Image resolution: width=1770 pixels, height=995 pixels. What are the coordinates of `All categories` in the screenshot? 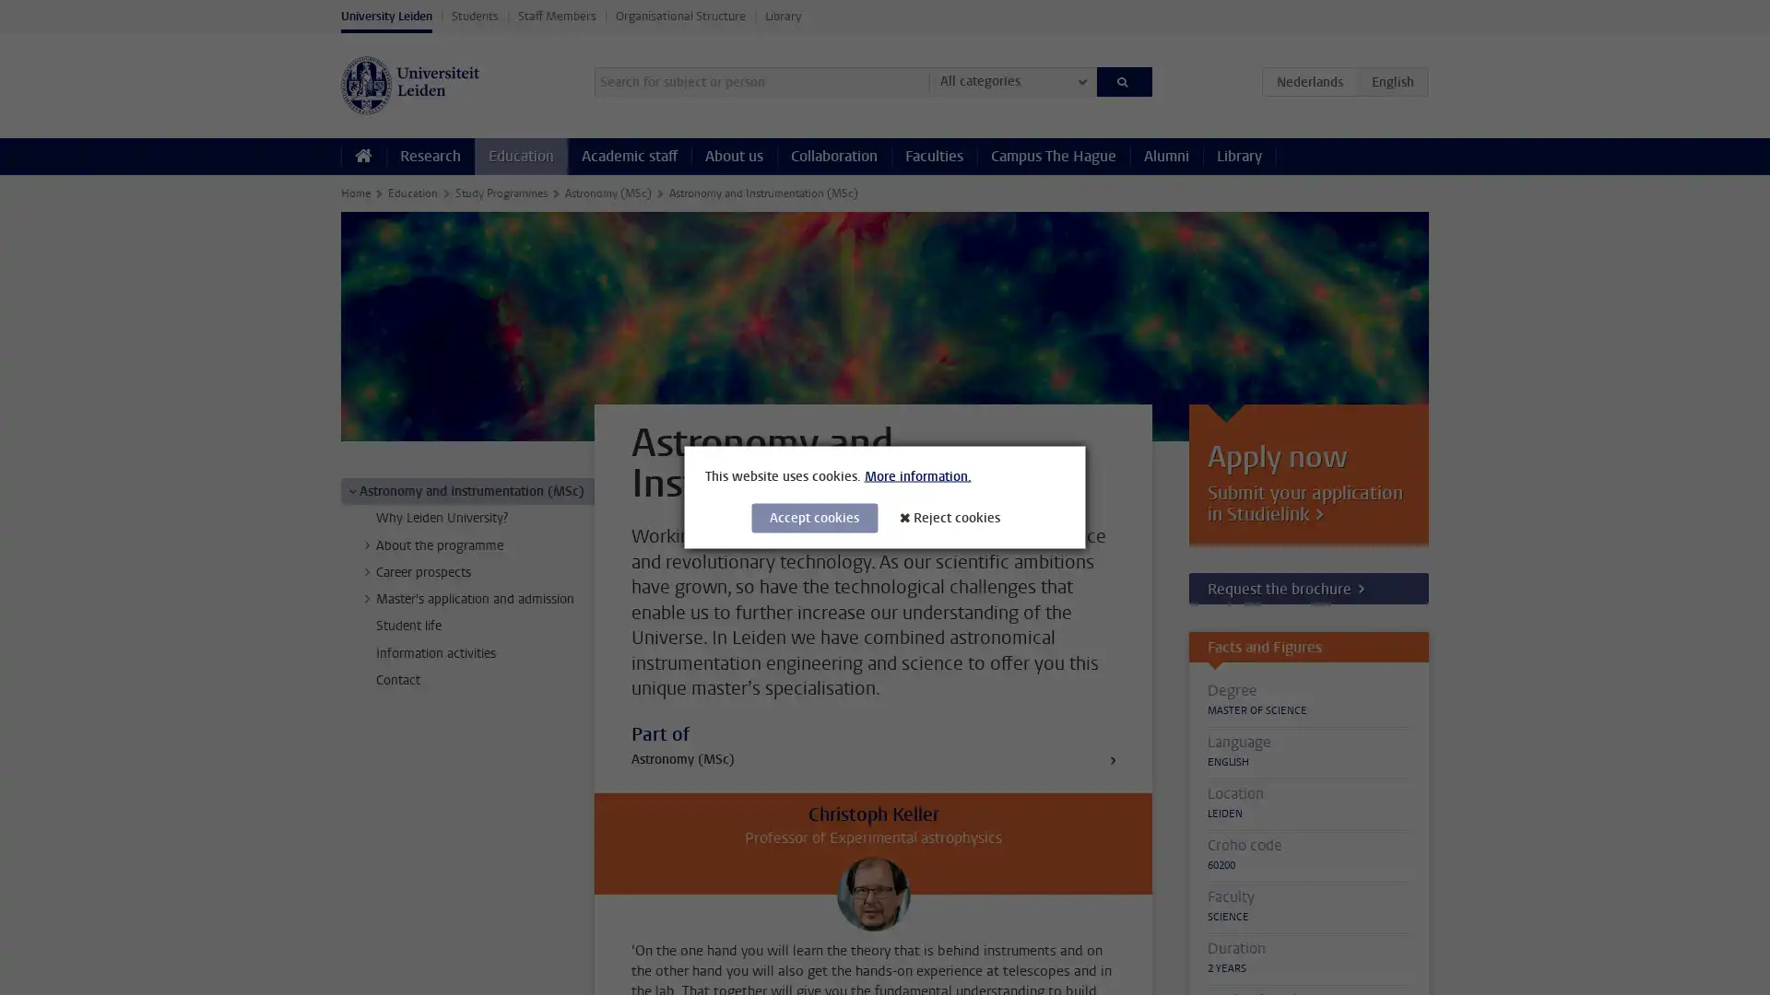 It's located at (1011, 80).